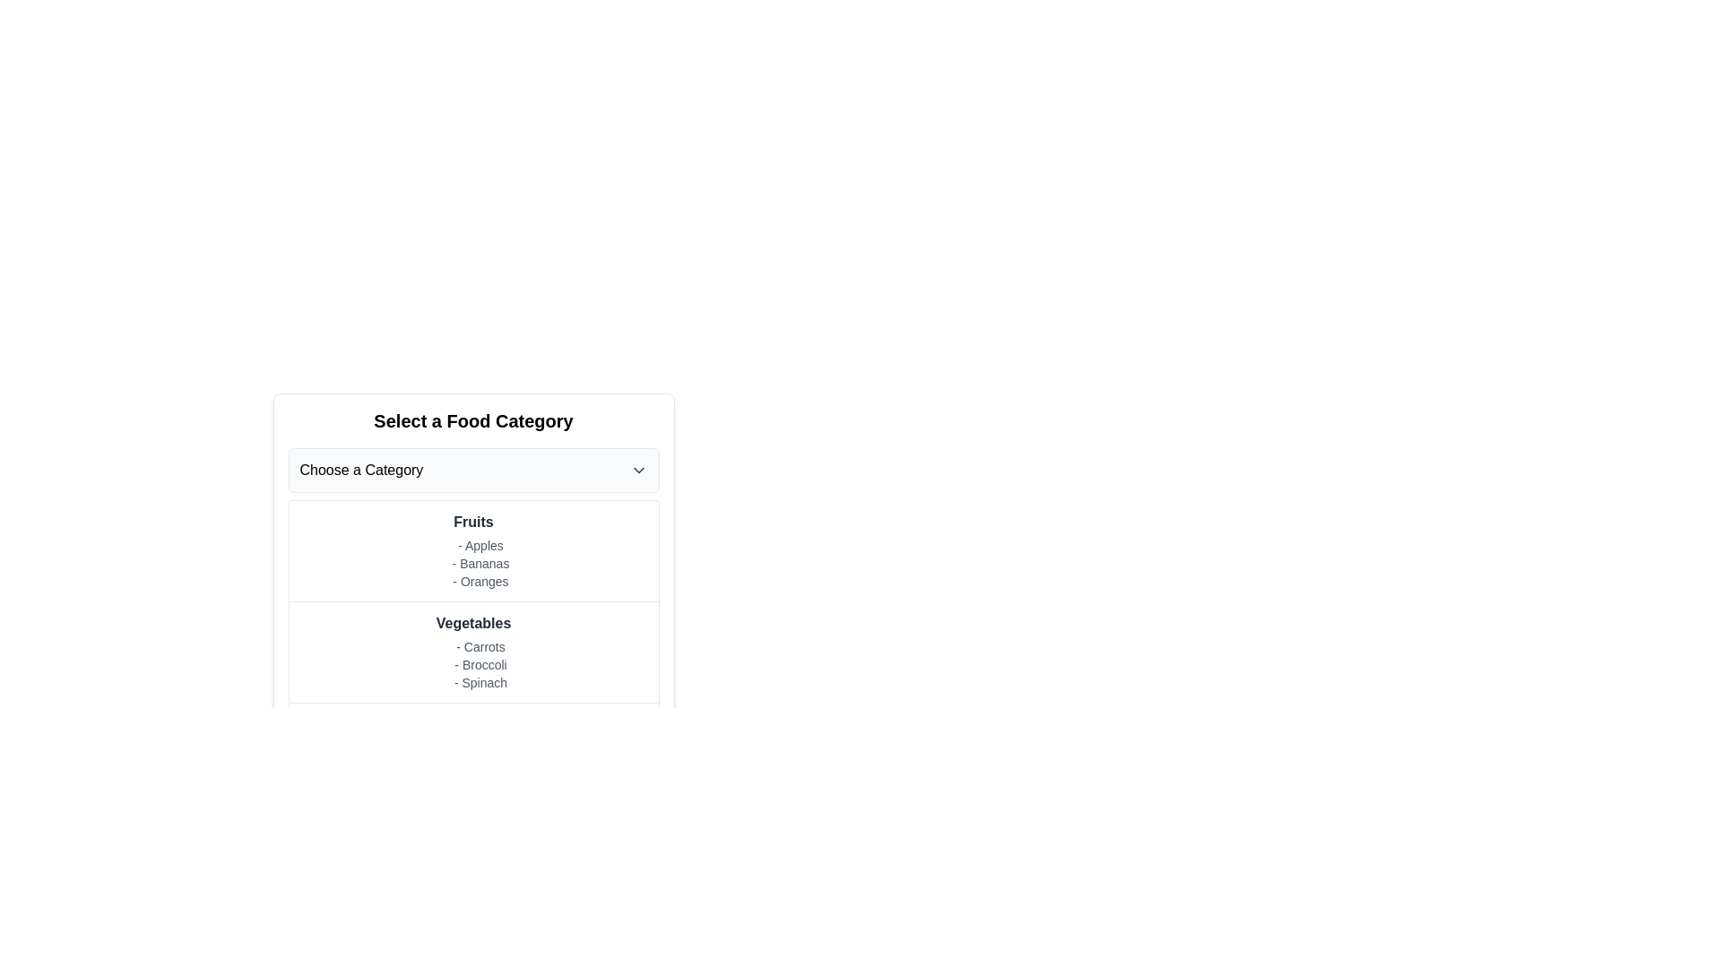 Image resolution: width=1721 pixels, height=968 pixels. What do you see at coordinates (480, 683) in the screenshot?
I see `text element displaying '- Spinach' in a light gray font, which is the third item in the 'Vegetables' category list` at bounding box center [480, 683].